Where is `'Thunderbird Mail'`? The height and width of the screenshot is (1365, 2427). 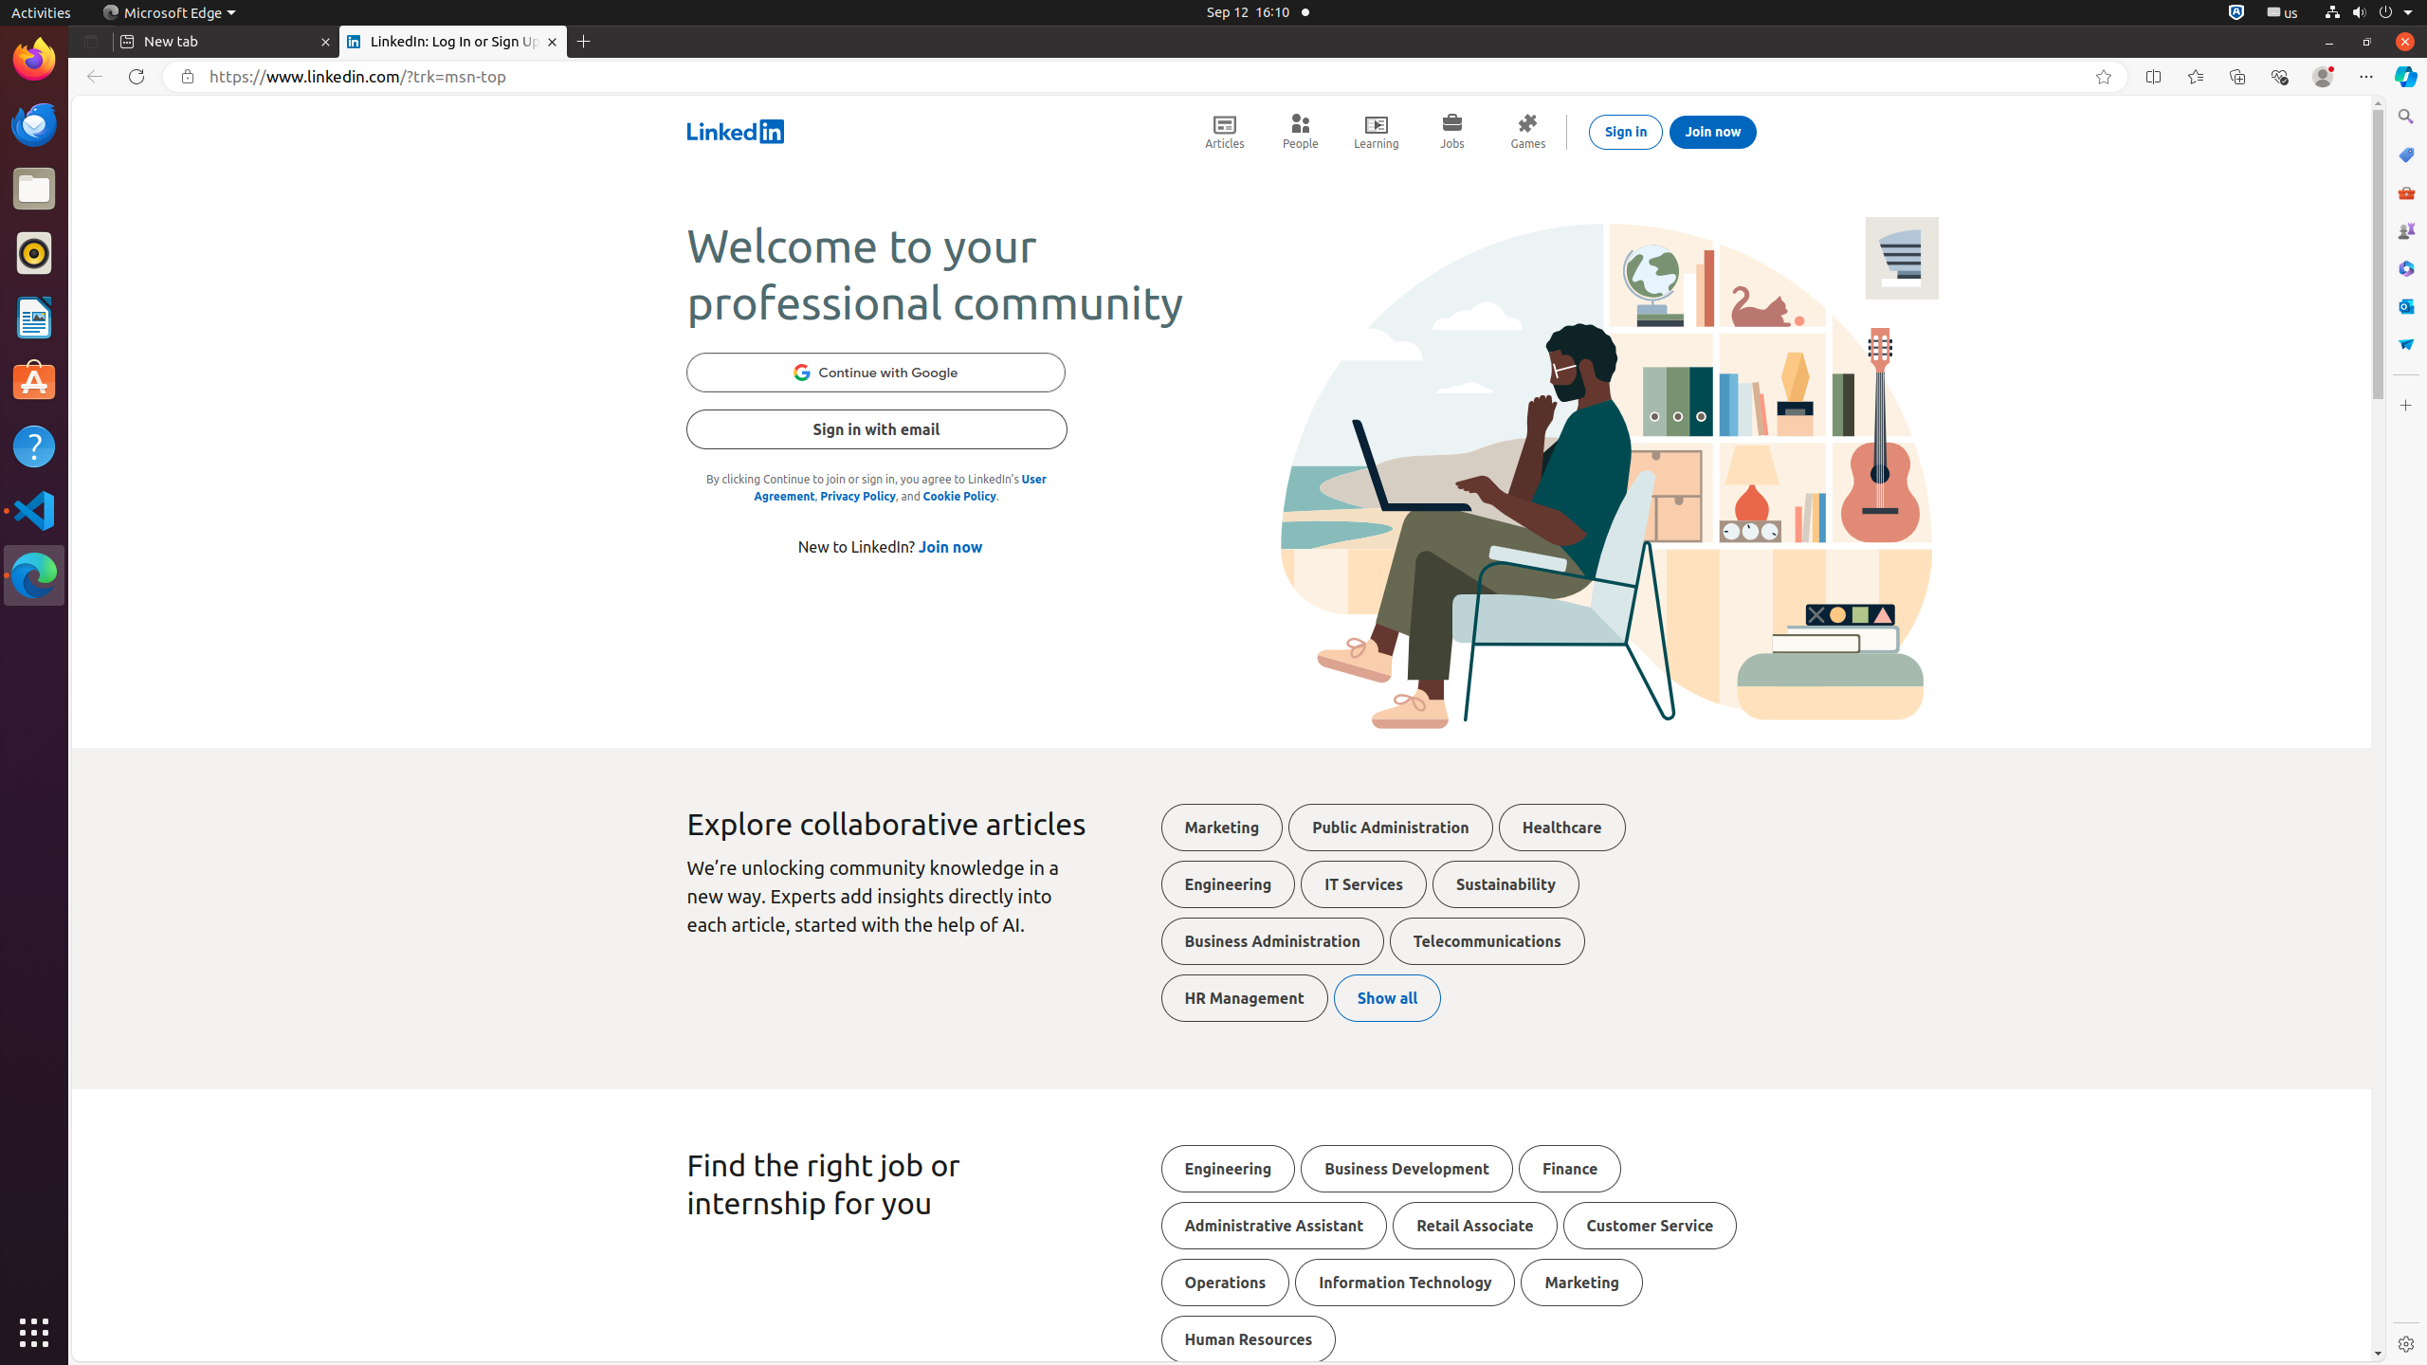 'Thunderbird Mail' is located at coordinates (34, 123).